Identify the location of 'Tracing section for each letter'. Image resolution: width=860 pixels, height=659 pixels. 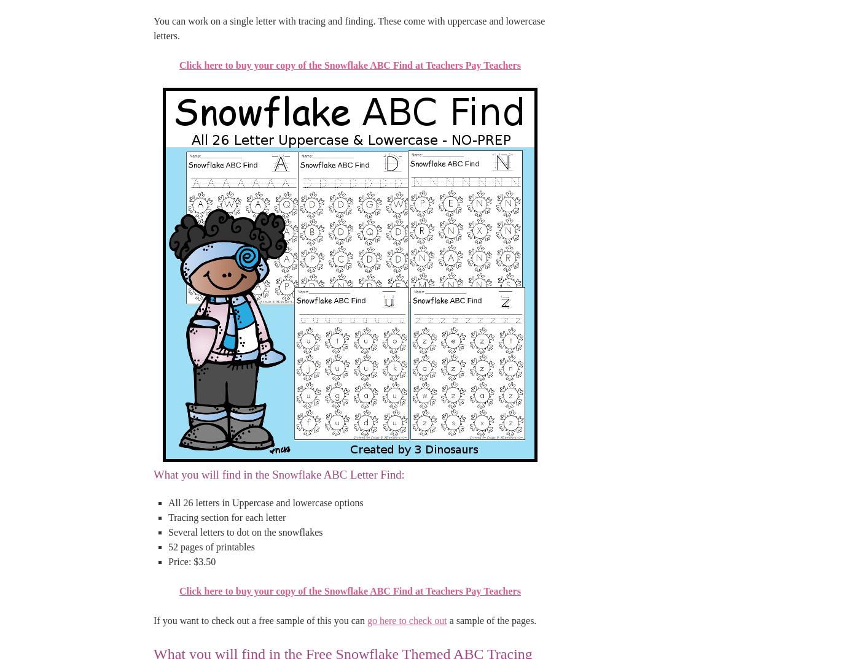
(227, 517).